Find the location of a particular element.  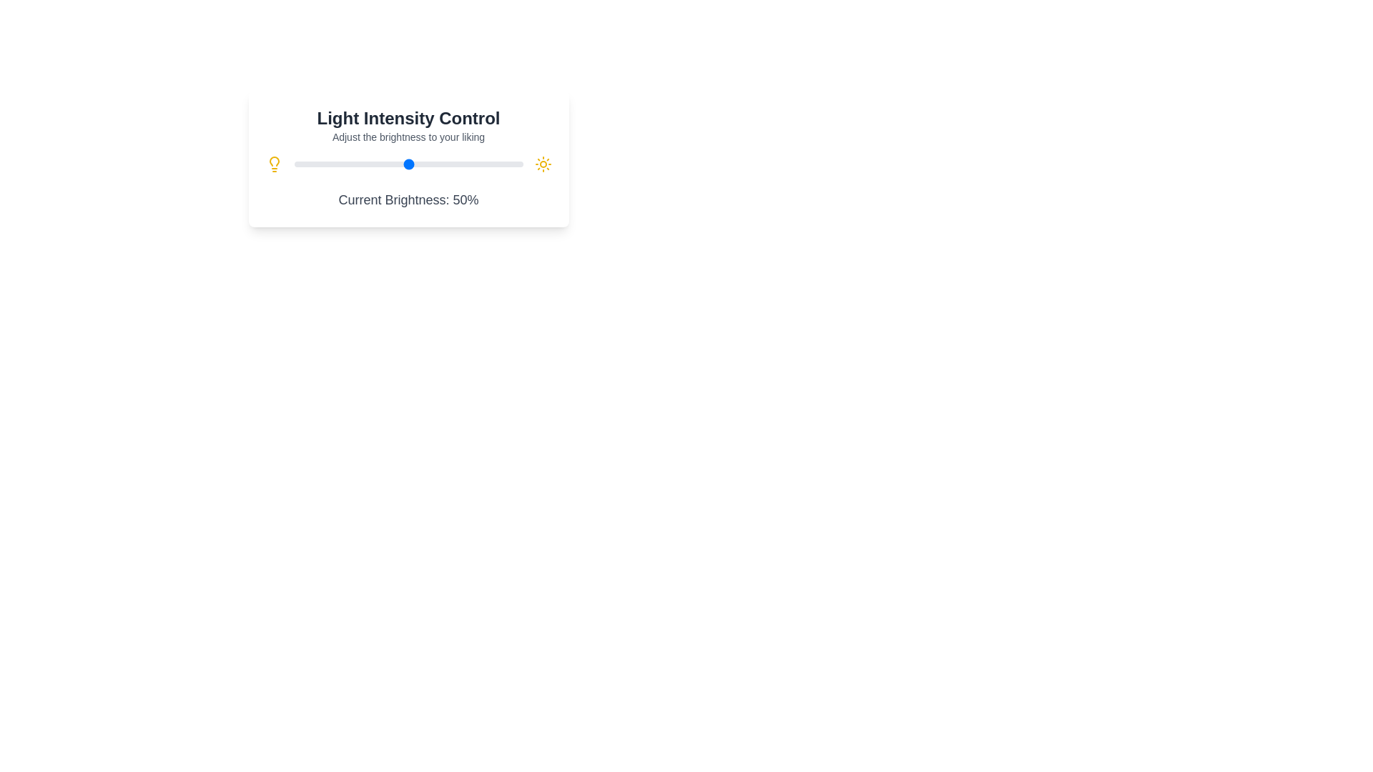

the brightness slider to 68% is located at coordinates (449, 164).